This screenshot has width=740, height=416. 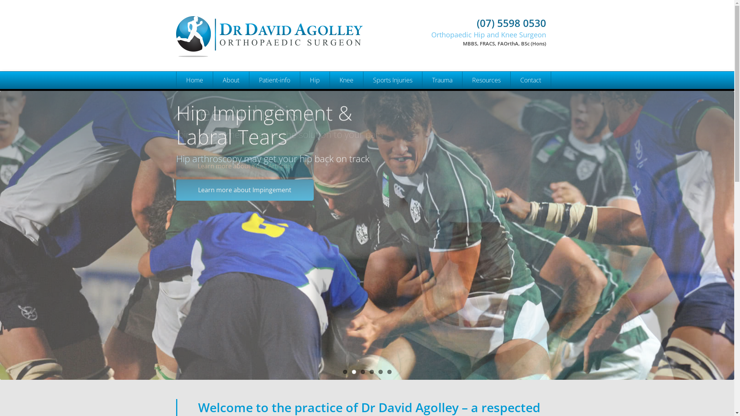 I want to click on 'Hip Hamstring Tear', so click(x=362, y=149).